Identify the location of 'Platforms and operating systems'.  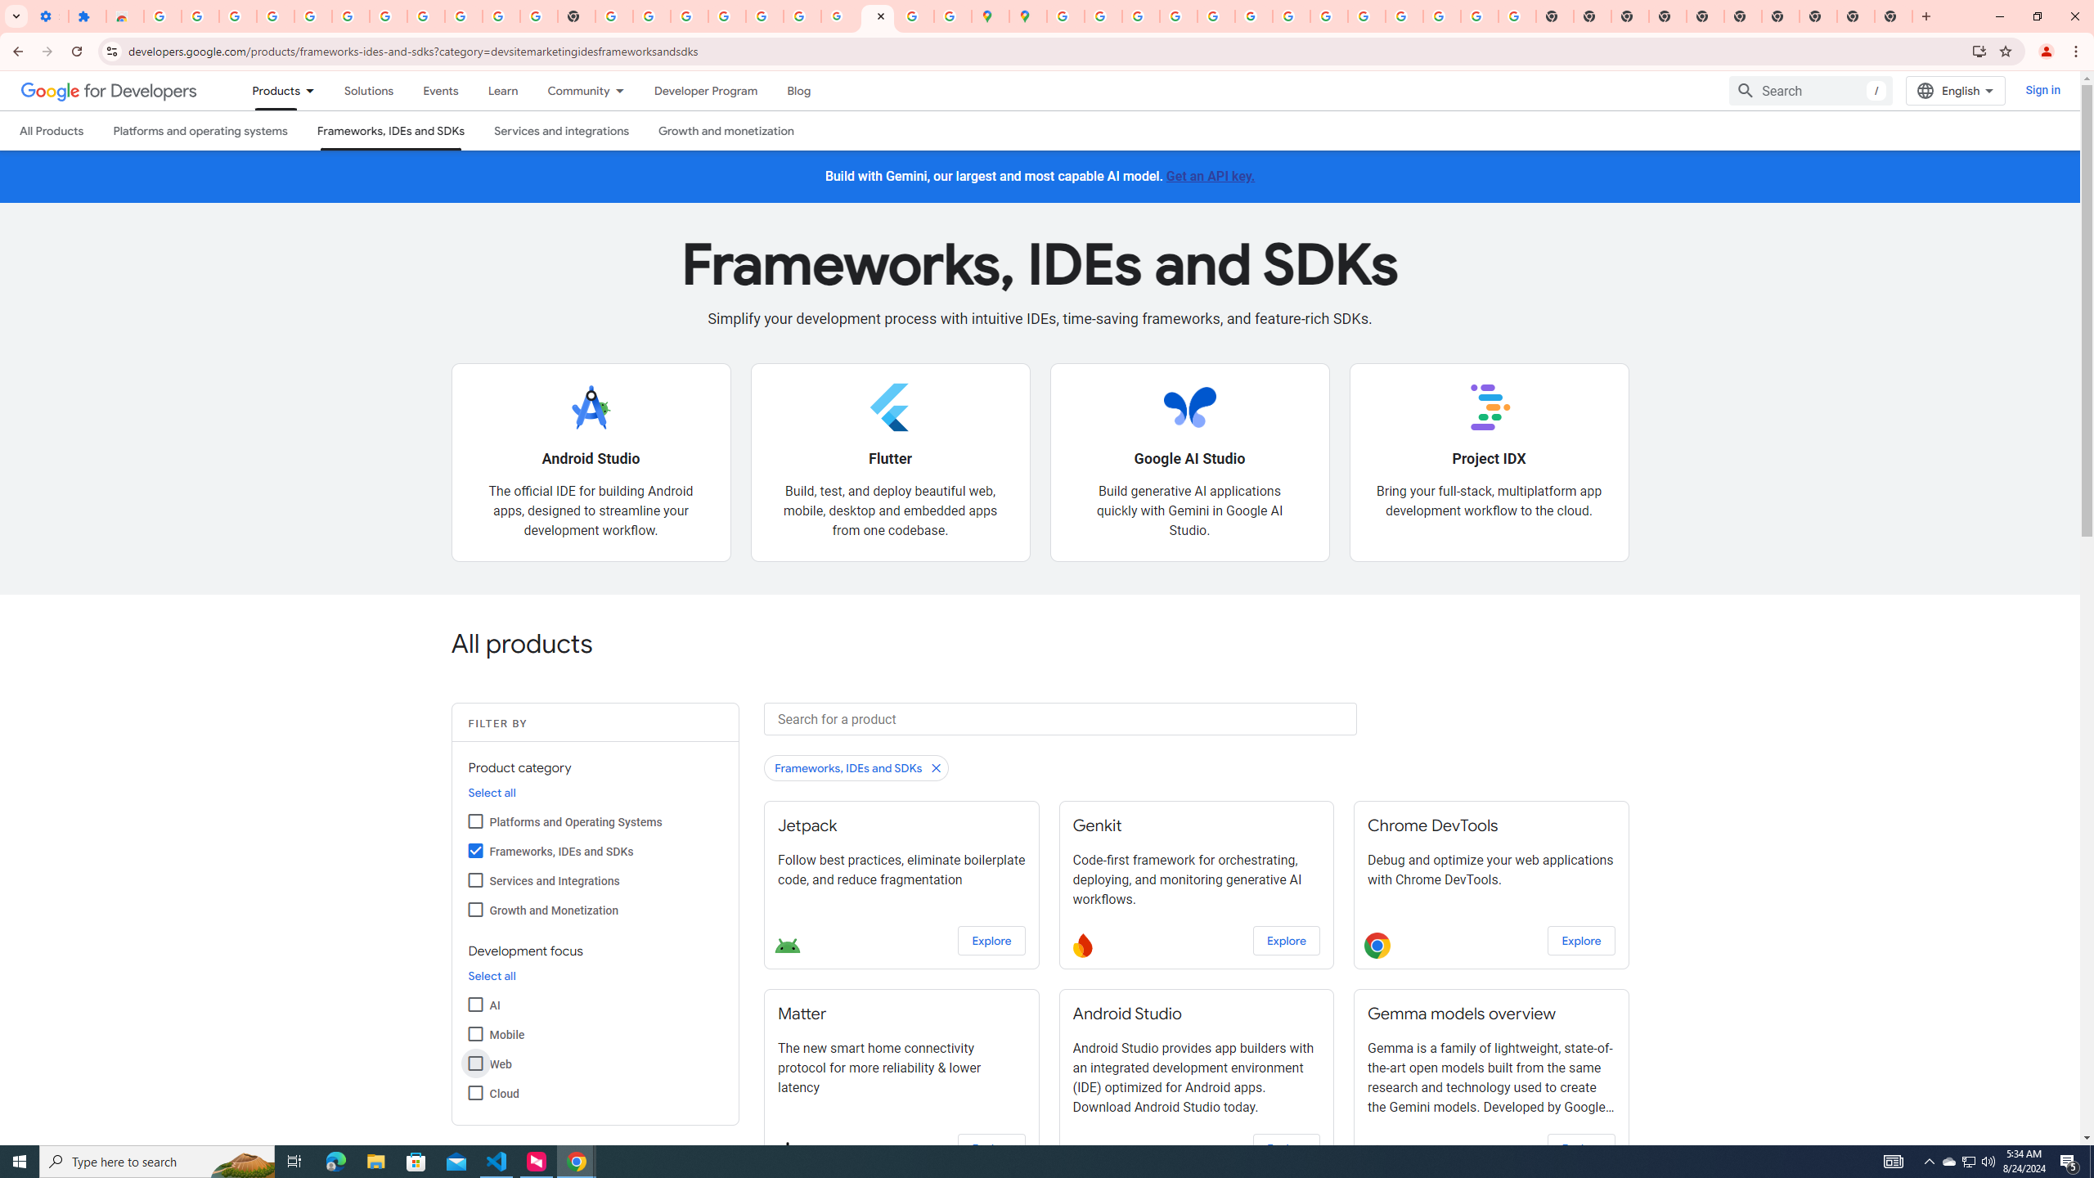
(200, 129).